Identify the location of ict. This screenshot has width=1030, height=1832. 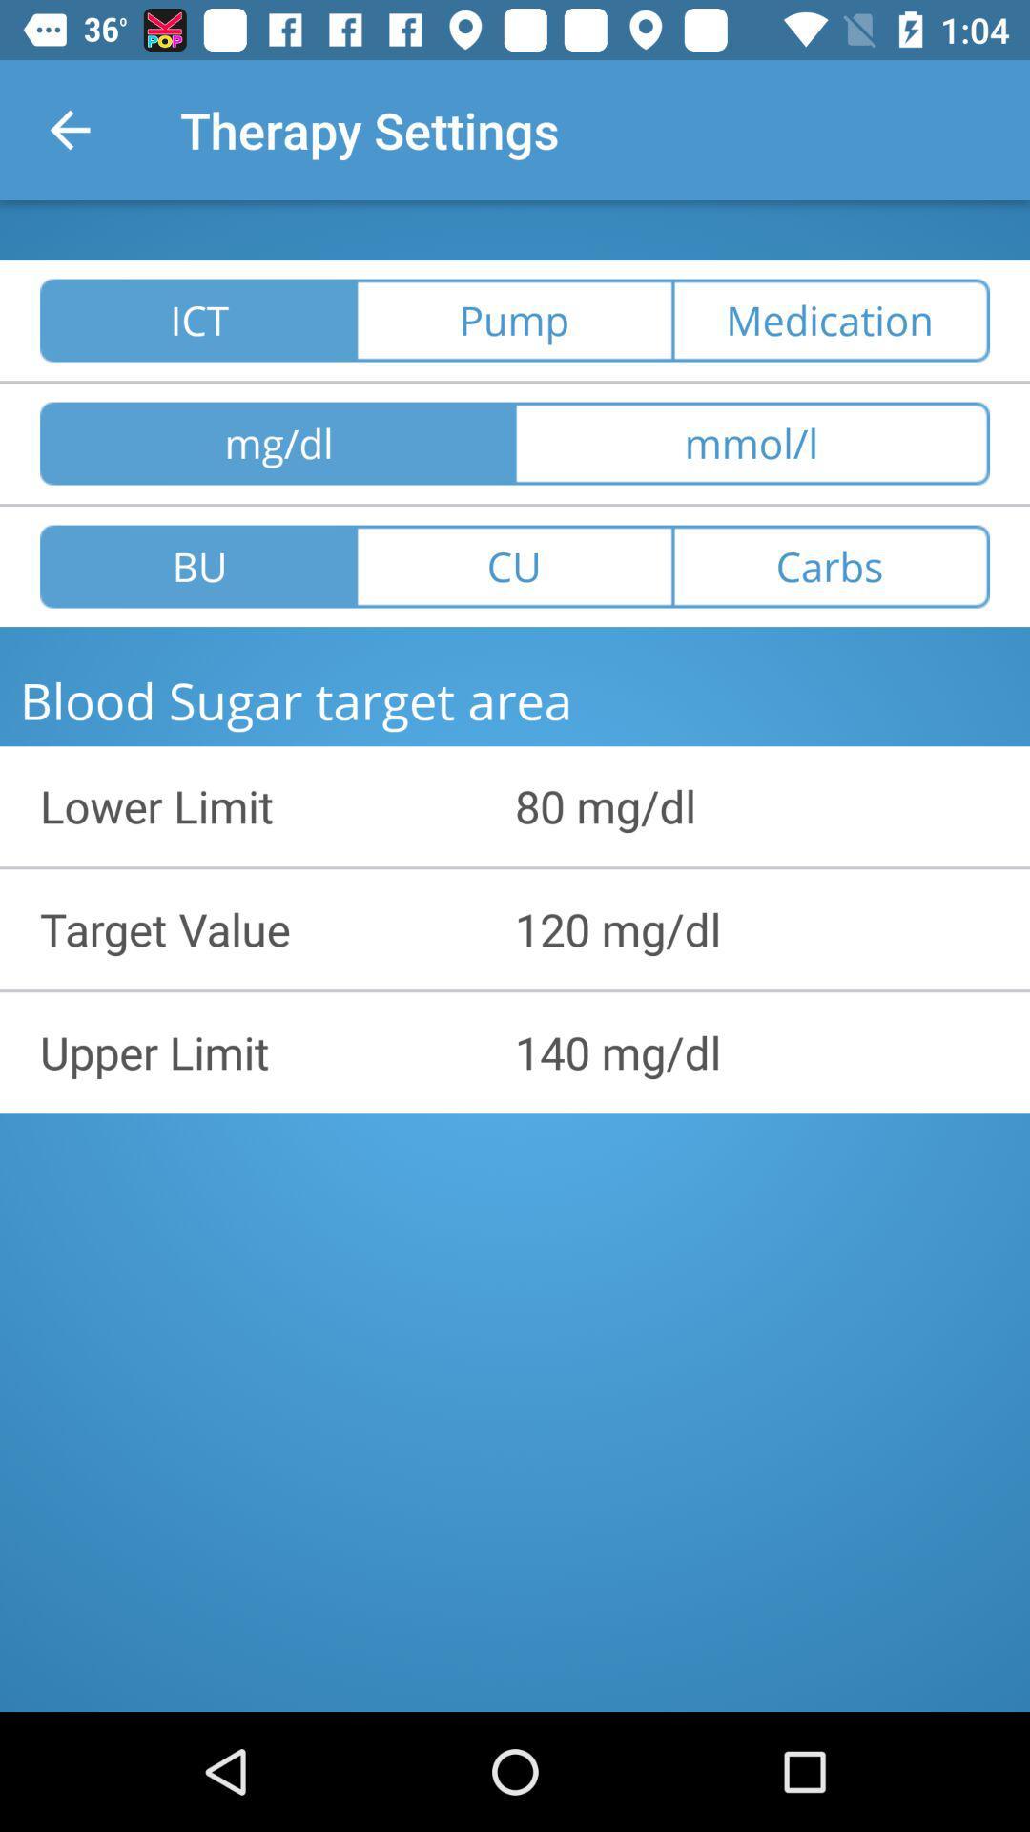
(197, 321).